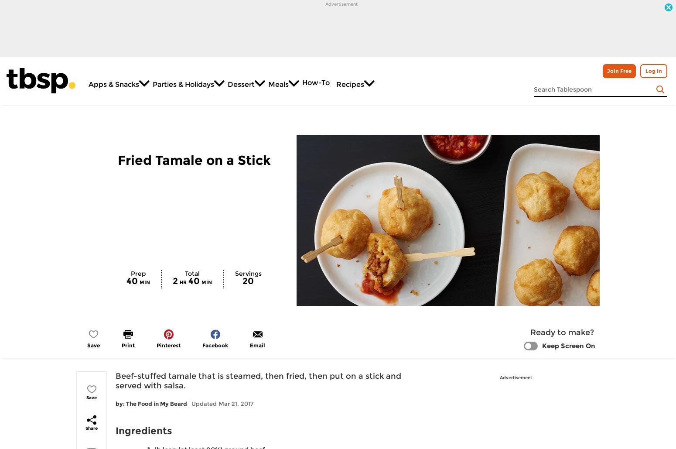 The height and width of the screenshot is (449, 676). I want to click on 'Updated Mar 21, 2017', so click(222, 403).